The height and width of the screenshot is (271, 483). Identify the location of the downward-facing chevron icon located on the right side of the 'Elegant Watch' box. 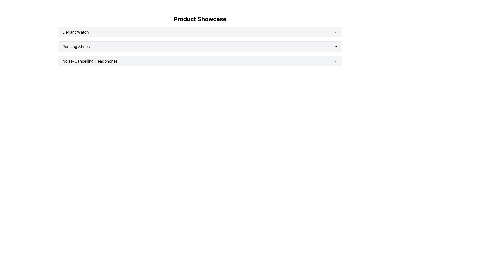
(336, 32).